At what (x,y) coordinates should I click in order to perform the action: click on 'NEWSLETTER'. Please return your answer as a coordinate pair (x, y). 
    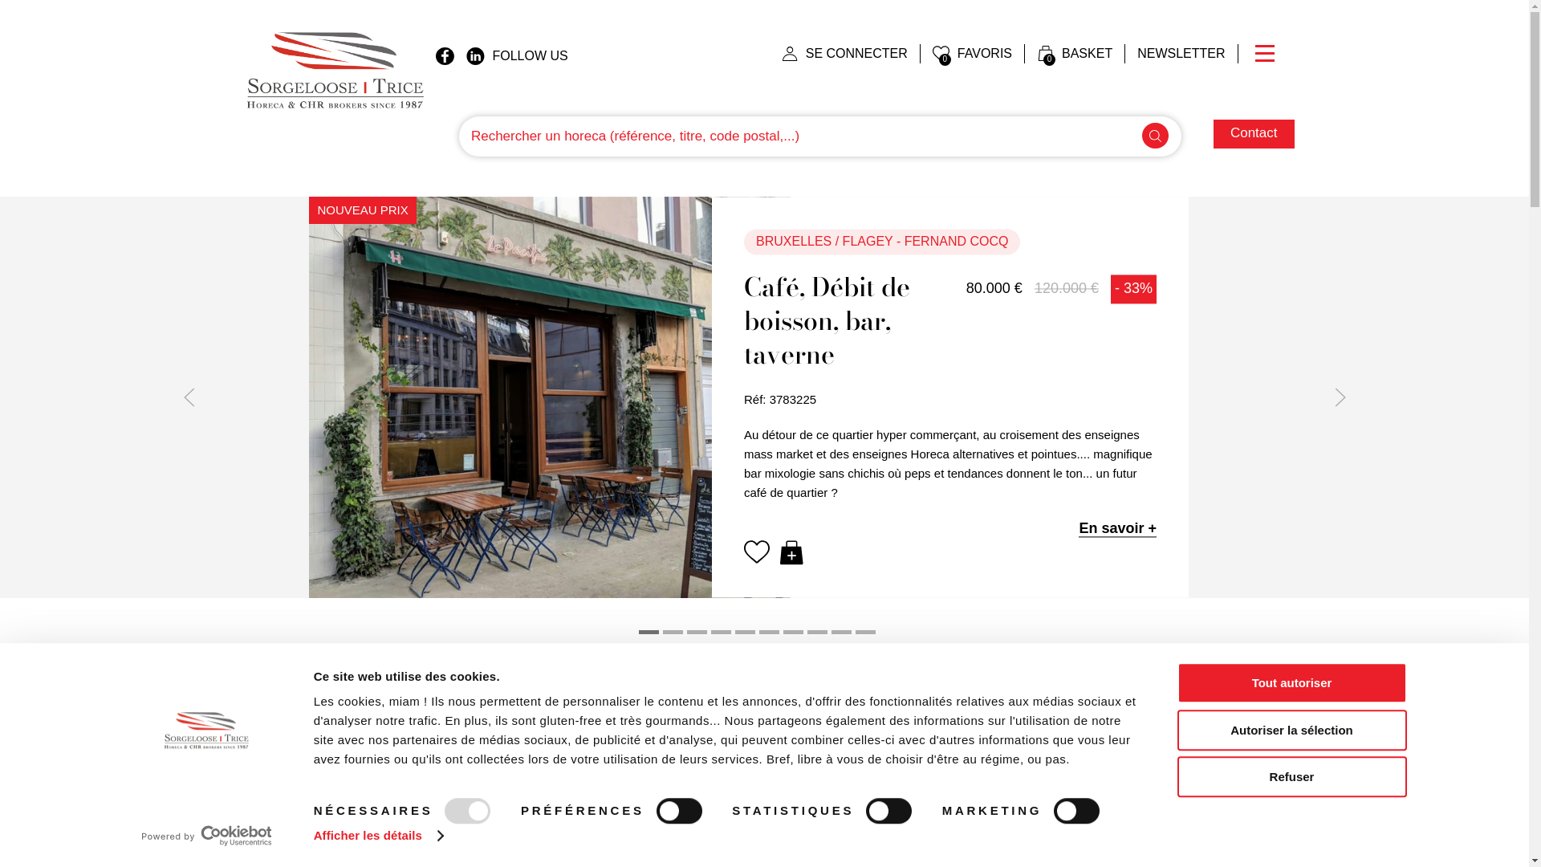
    Looking at the image, I should click on (1181, 52).